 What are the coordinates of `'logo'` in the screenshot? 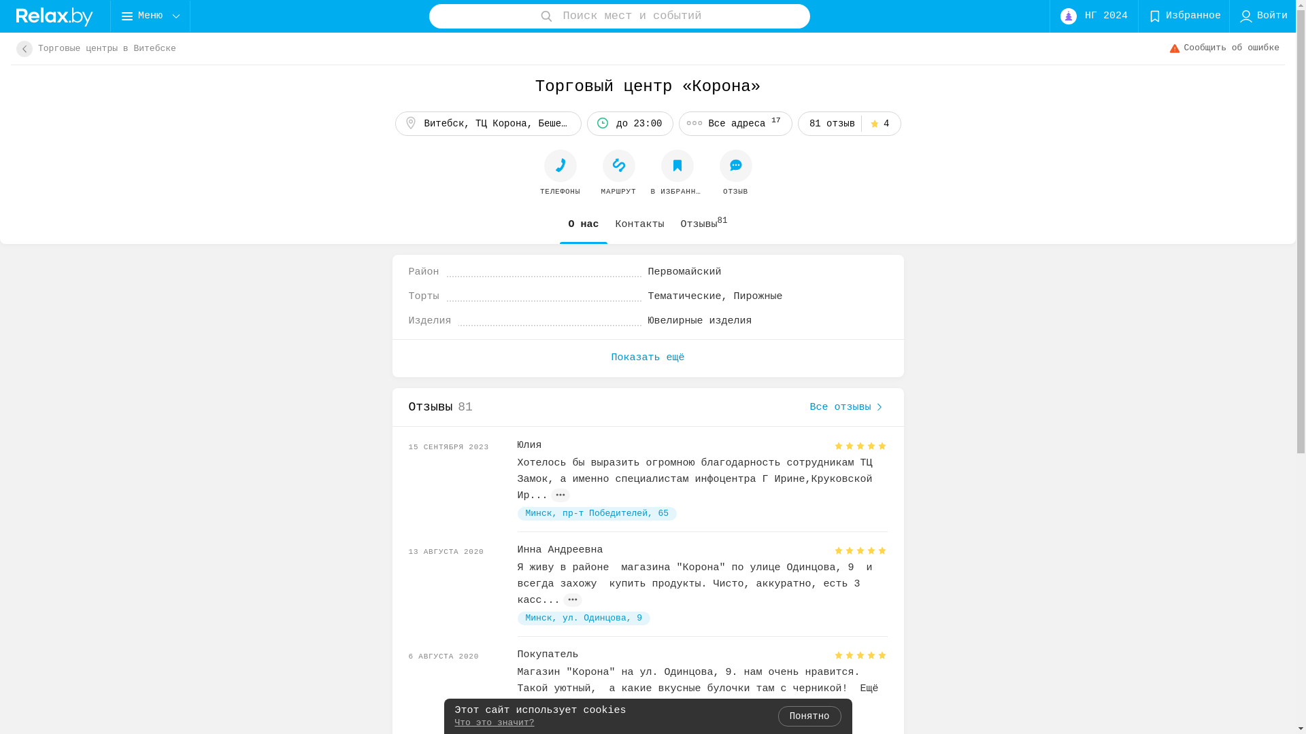 It's located at (54, 16).